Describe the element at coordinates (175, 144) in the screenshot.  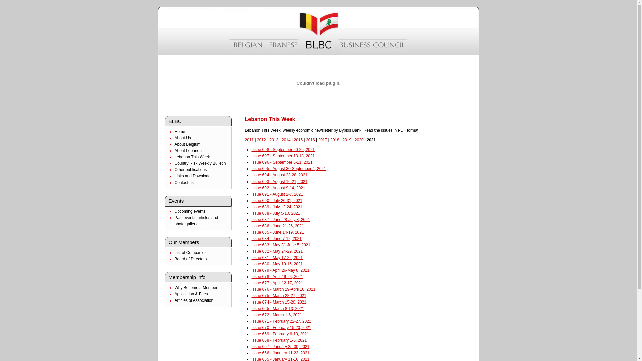
I see `'About Belgium'` at that location.